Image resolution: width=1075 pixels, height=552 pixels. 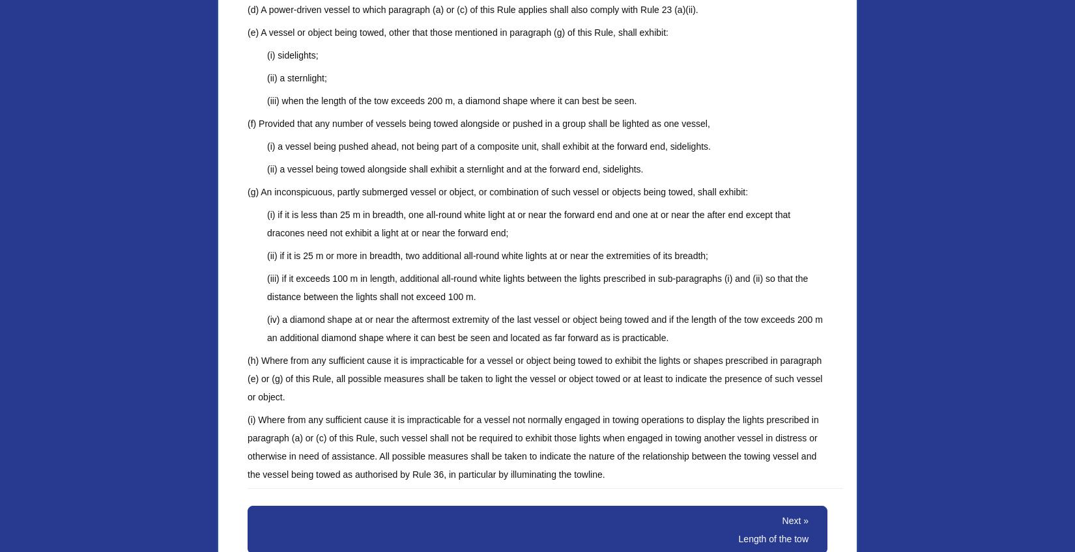 What do you see at coordinates (496, 192) in the screenshot?
I see `'(g) An inconspicuous, partly submerged vessel or object, or combination of such vessel or objects being towed, shall exhibit:'` at bounding box center [496, 192].